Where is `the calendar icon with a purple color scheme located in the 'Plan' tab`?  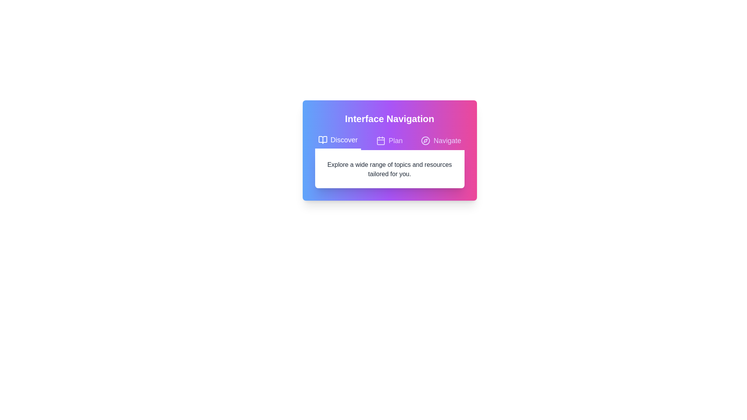
the calendar icon with a purple color scheme located in the 'Plan' tab is located at coordinates (381, 141).